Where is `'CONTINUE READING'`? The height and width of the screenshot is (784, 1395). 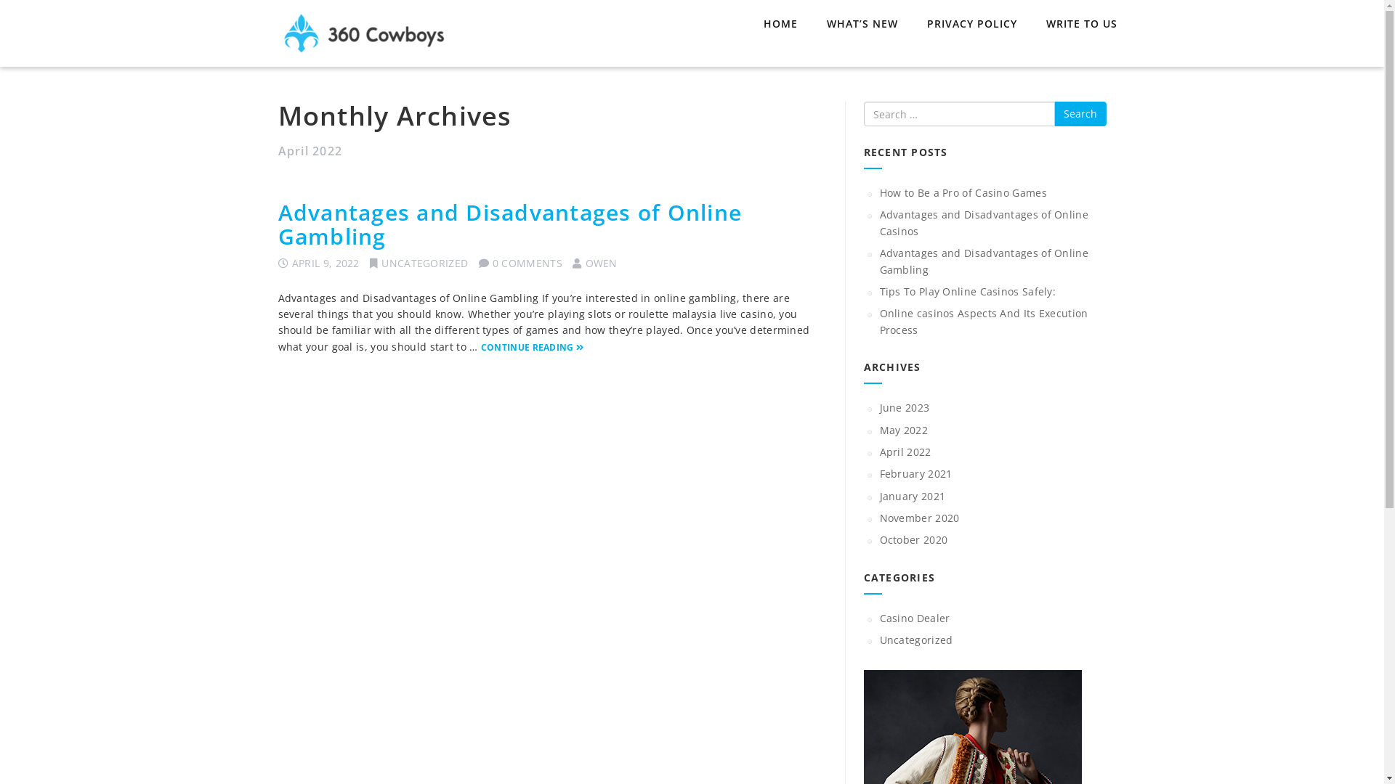
'CONTINUE READING' is located at coordinates (481, 347).